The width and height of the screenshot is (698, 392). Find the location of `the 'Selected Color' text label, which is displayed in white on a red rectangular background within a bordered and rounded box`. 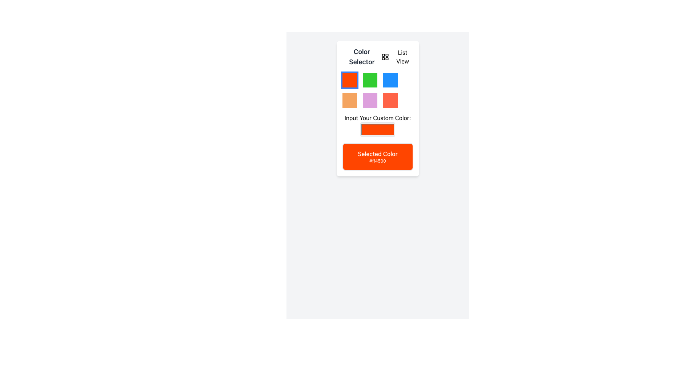

the 'Selected Color' text label, which is displayed in white on a red rectangular background within a bordered and rounded box is located at coordinates (377, 154).